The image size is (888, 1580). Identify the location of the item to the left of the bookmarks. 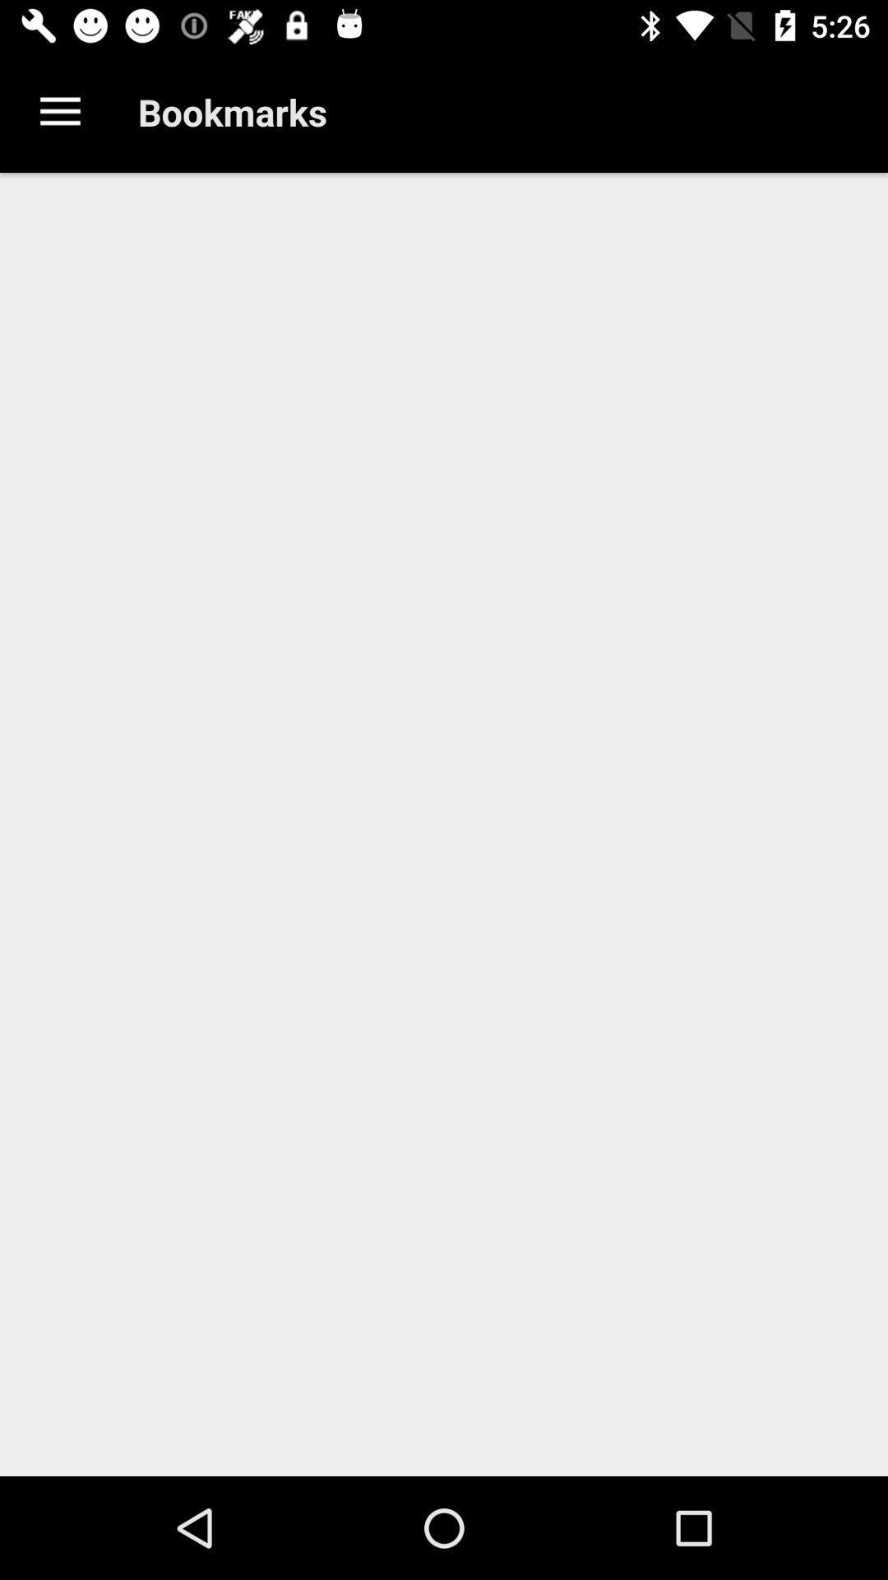
(59, 111).